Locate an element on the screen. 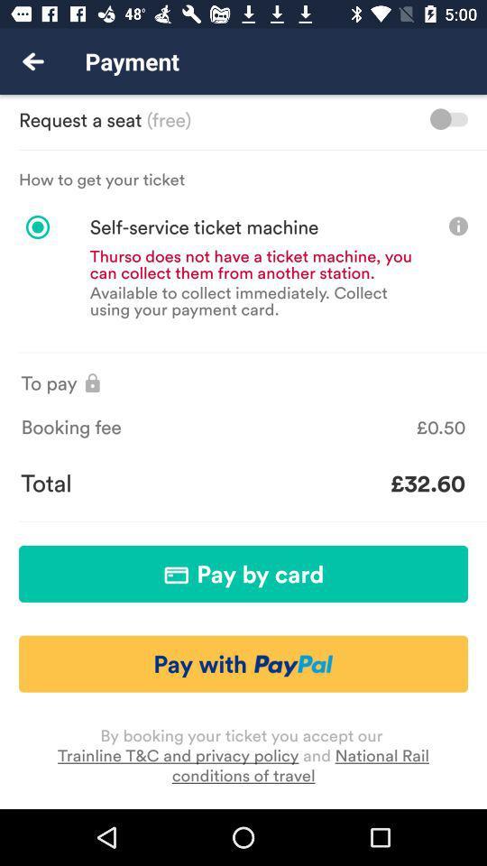 This screenshot has width=487, height=866. self service ticket icon is located at coordinates (179, 226).